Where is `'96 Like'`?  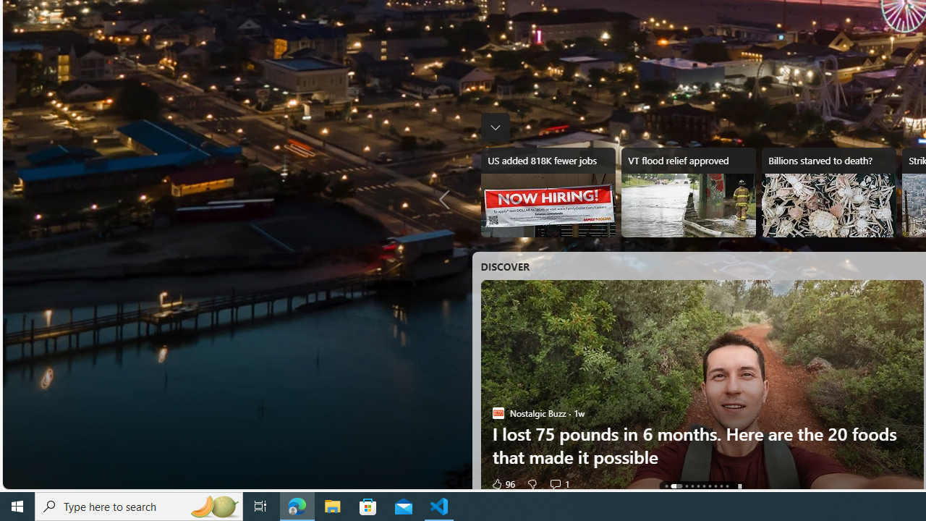
'96 Like' is located at coordinates (502, 483).